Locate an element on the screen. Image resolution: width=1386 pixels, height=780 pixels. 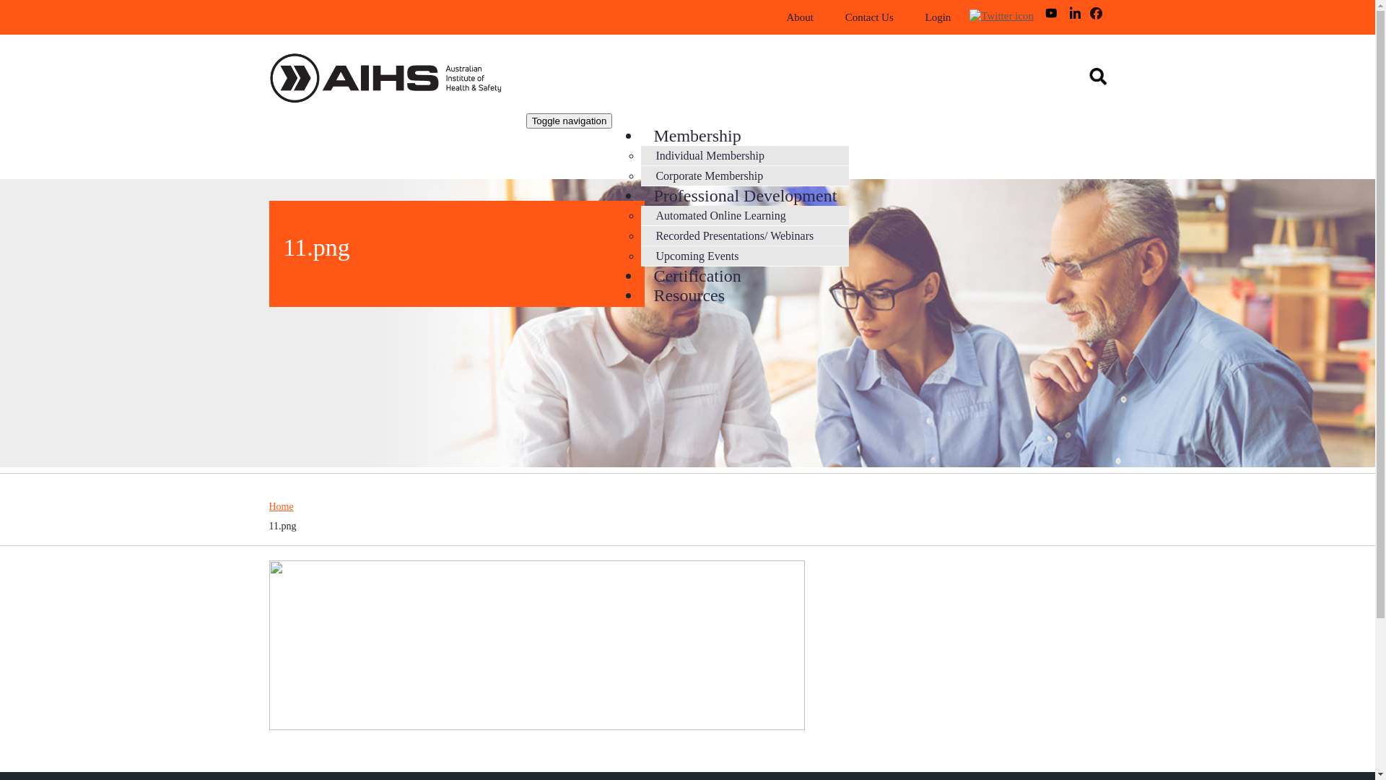
'Login' is located at coordinates (938, 17).